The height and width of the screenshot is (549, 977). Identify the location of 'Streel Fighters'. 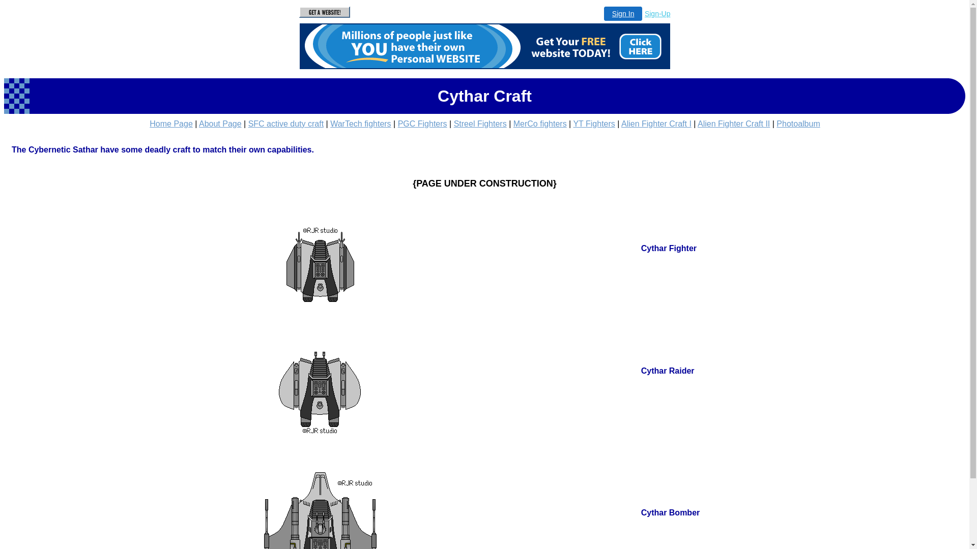
(480, 123).